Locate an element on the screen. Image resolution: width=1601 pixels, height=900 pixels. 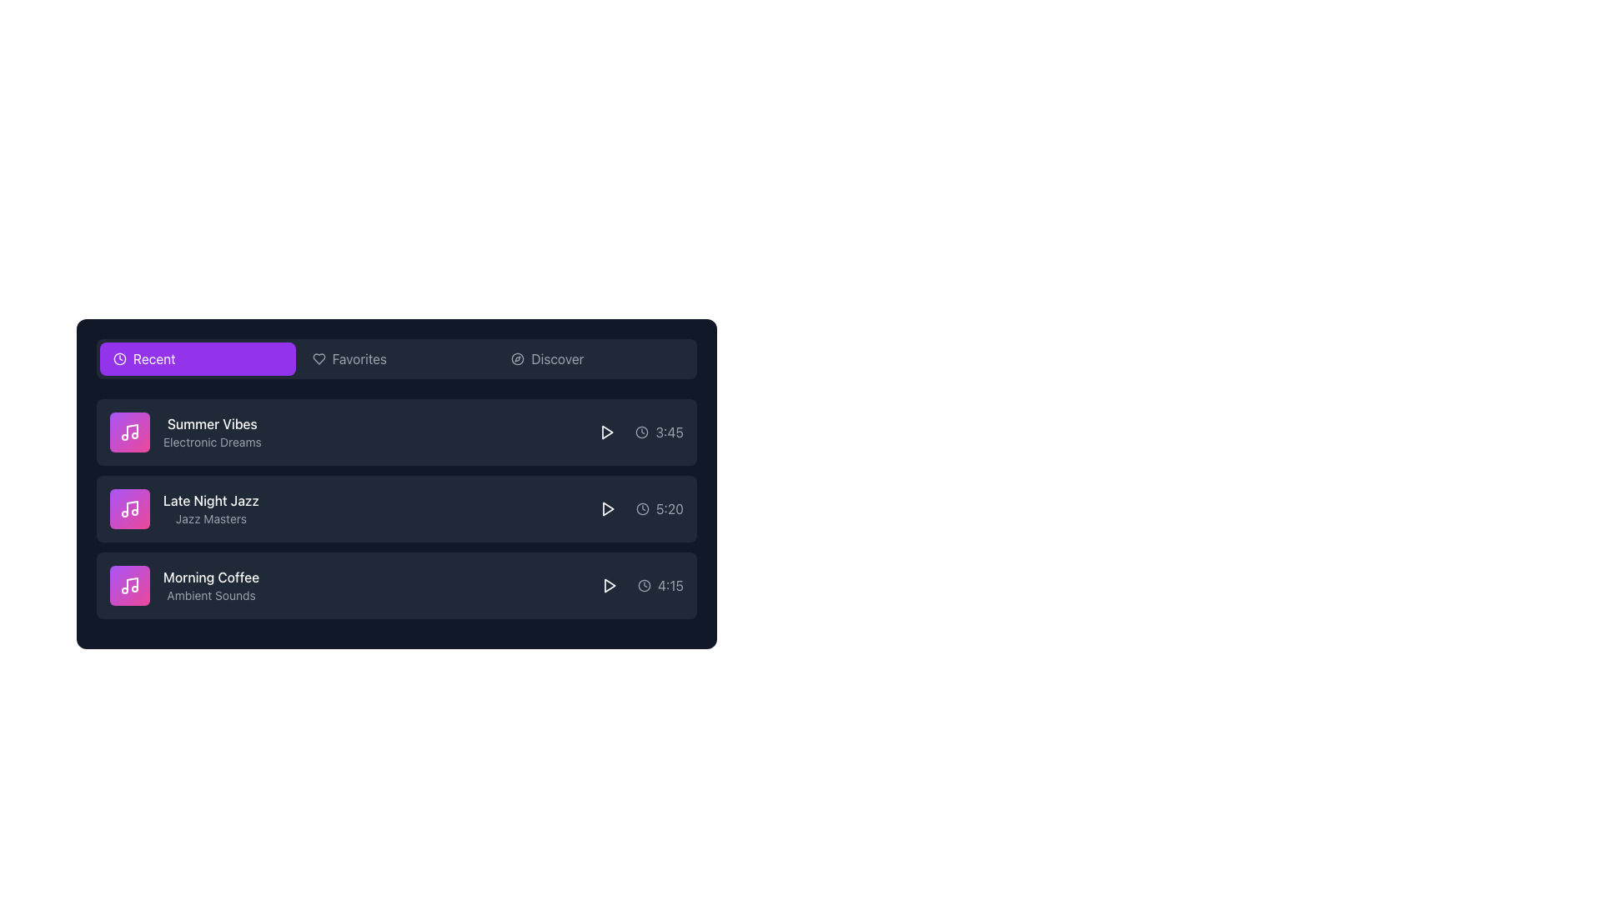
the text block that conveys information about the music item, located in the first entry of the vertical list under the 'Recent' header, adjacent to the music icon is located at coordinates (211, 432).